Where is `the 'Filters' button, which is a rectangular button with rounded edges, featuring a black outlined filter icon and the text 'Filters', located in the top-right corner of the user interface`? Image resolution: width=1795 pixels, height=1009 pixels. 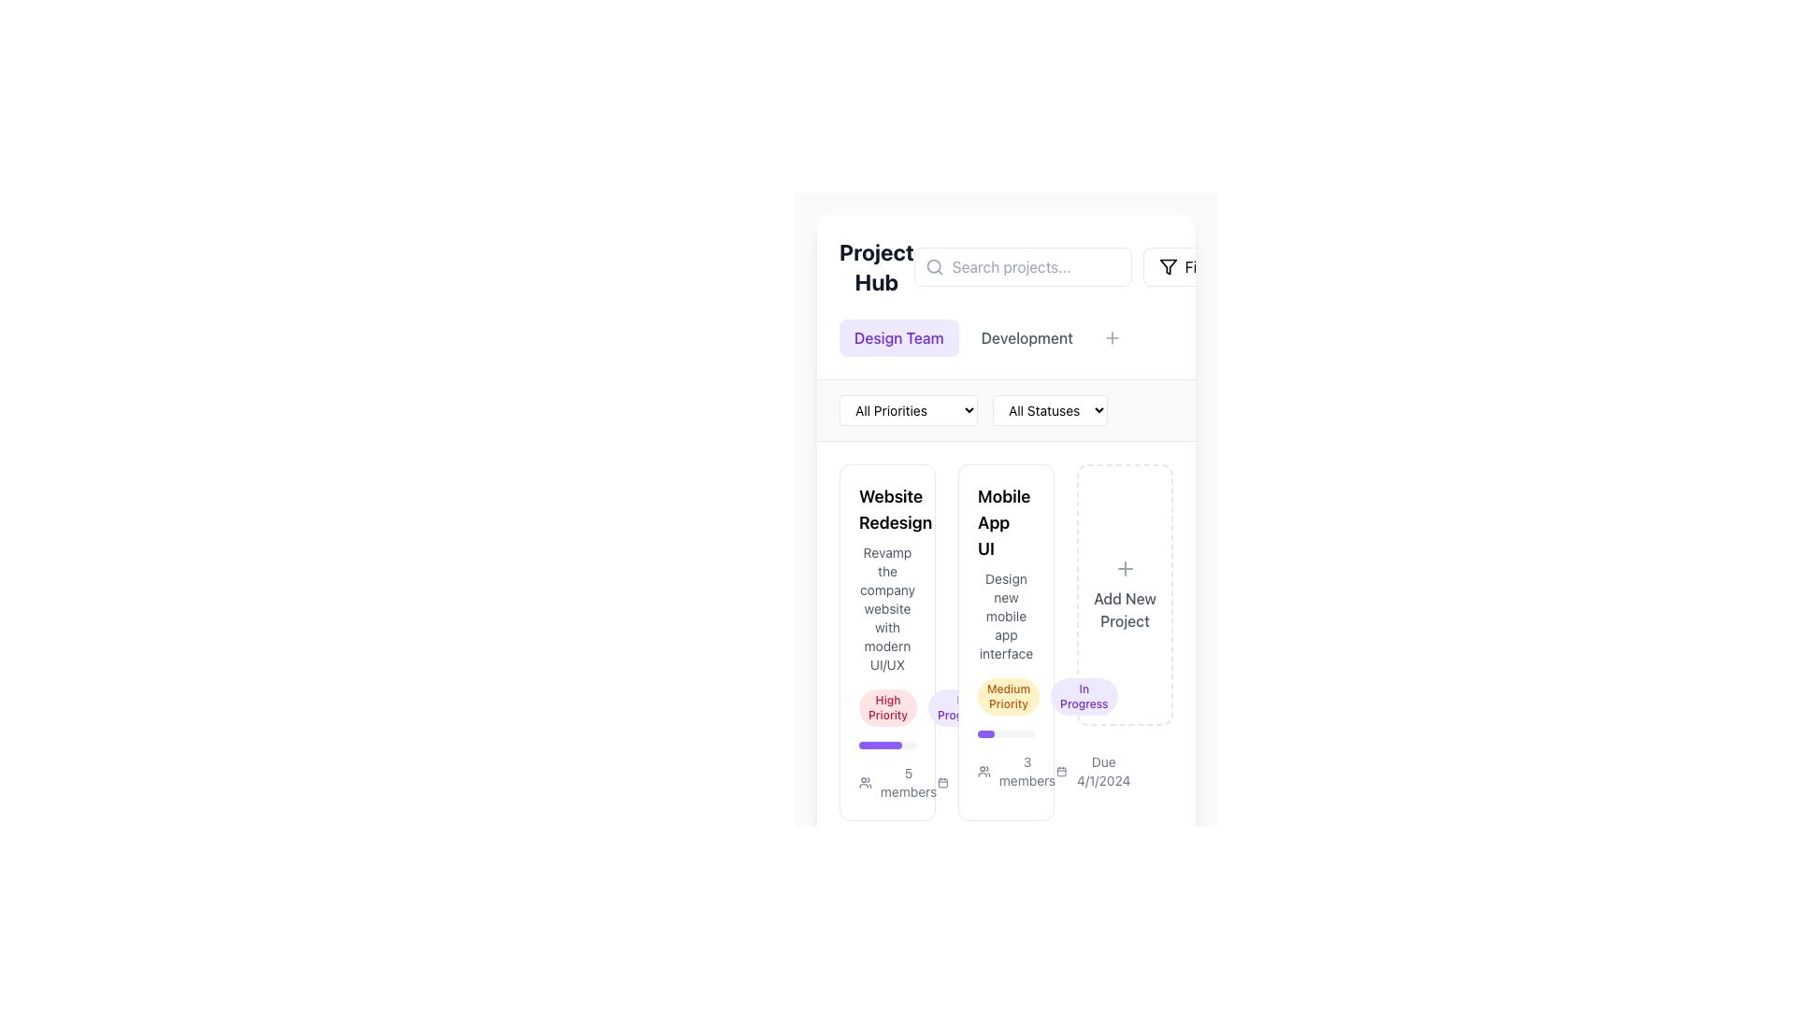 the 'Filters' button, which is a rectangular button with rounded edges, featuring a black outlined filter icon and the text 'Filters', located in the top-right corner of the user interface is located at coordinates (1191, 266).